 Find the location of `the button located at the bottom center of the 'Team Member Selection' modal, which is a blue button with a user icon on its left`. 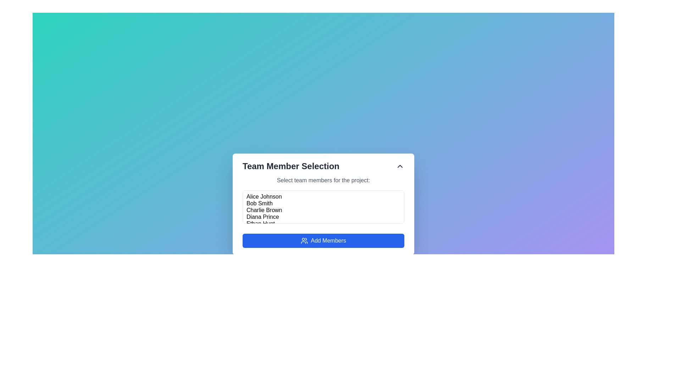

the button located at the bottom center of the 'Team Member Selection' modal, which is a blue button with a user icon on its left is located at coordinates (328, 240).